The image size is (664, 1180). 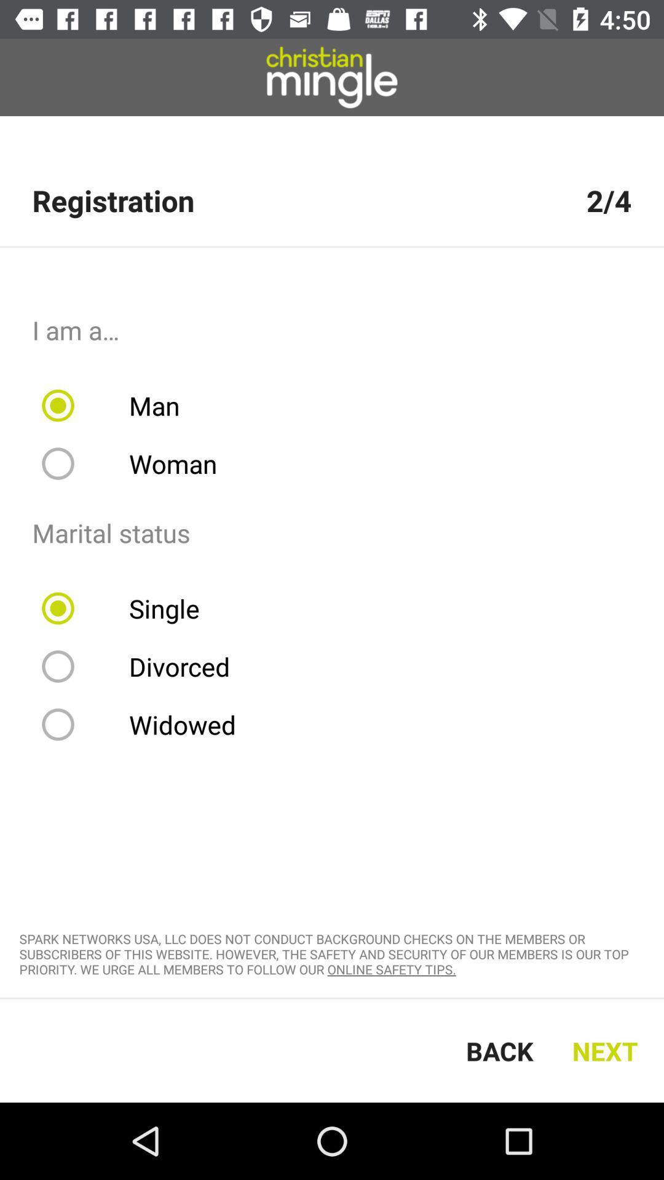 What do you see at coordinates (119, 406) in the screenshot?
I see `man` at bounding box center [119, 406].